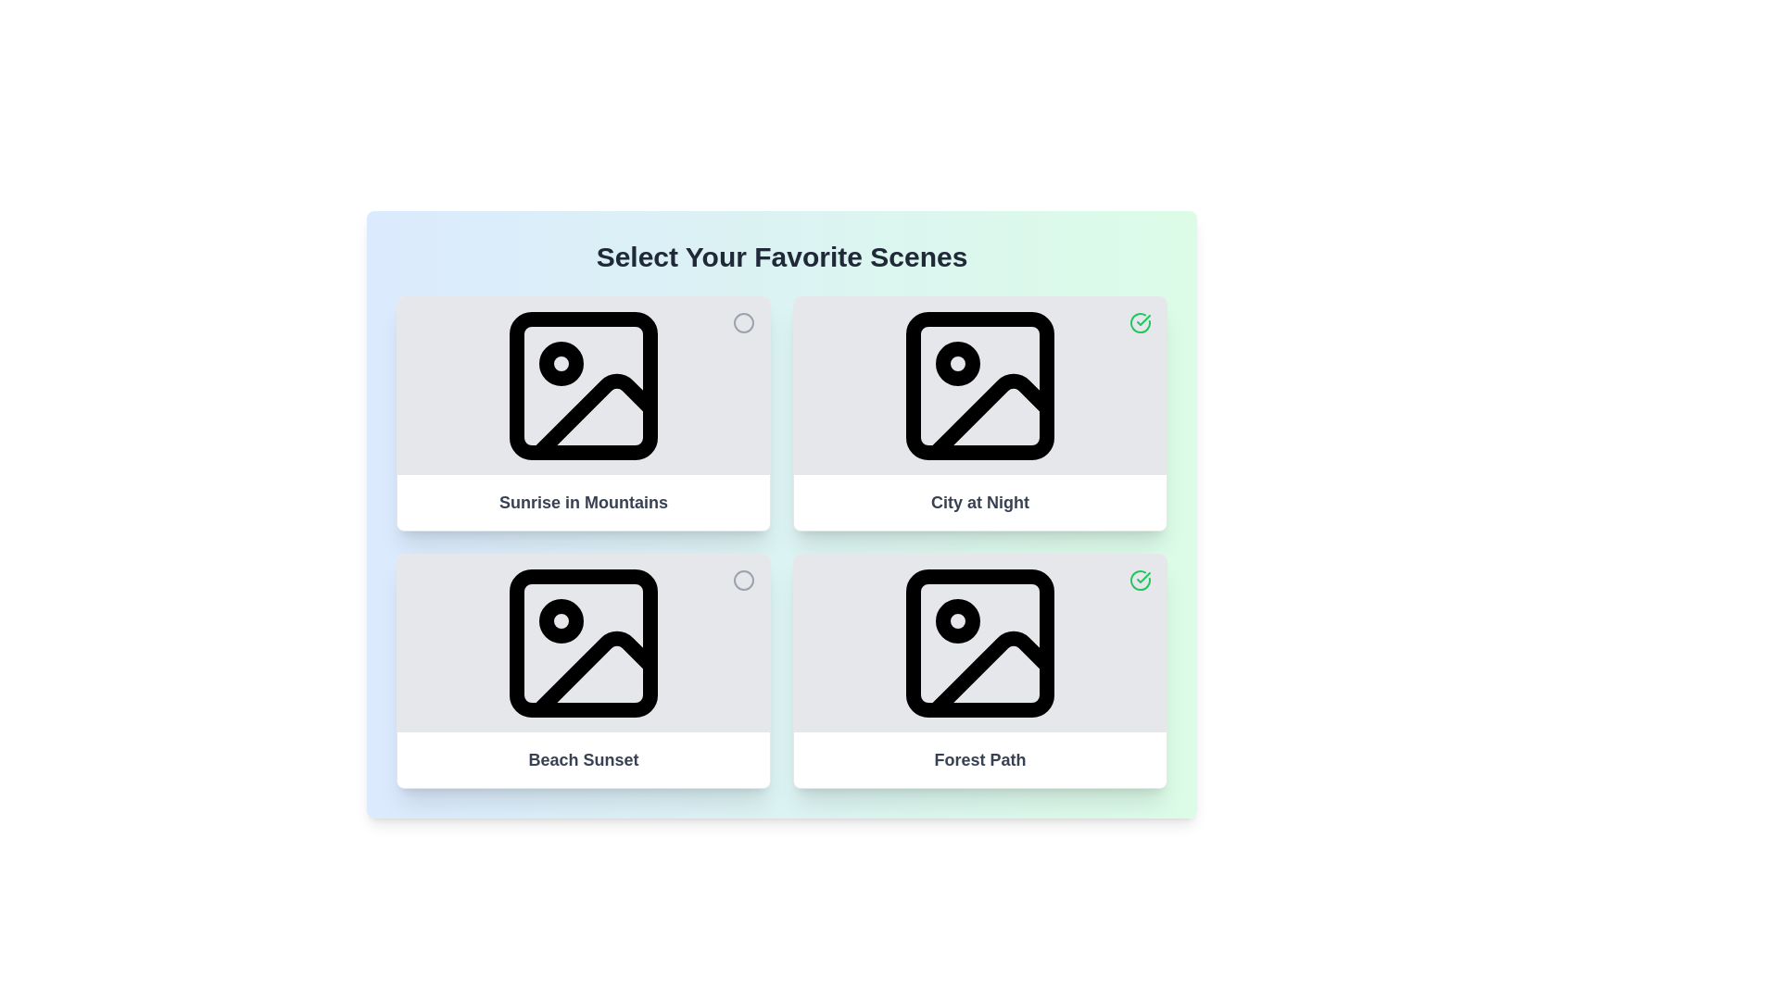  Describe the element at coordinates (1139, 580) in the screenshot. I see `the media item Forest Path` at that location.